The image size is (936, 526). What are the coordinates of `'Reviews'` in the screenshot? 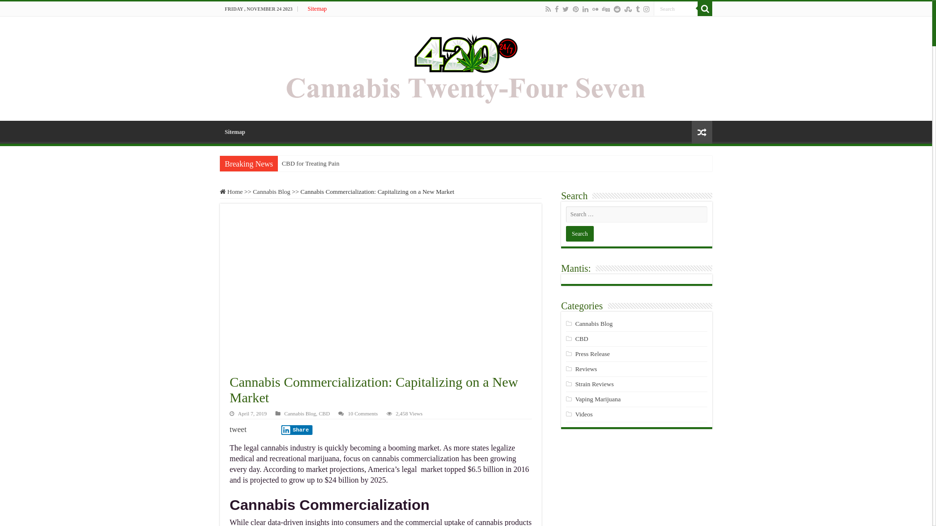 It's located at (575, 369).